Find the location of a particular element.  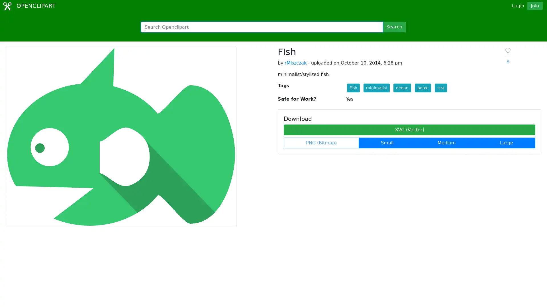

minimalist is located at coordinates (376, 88).